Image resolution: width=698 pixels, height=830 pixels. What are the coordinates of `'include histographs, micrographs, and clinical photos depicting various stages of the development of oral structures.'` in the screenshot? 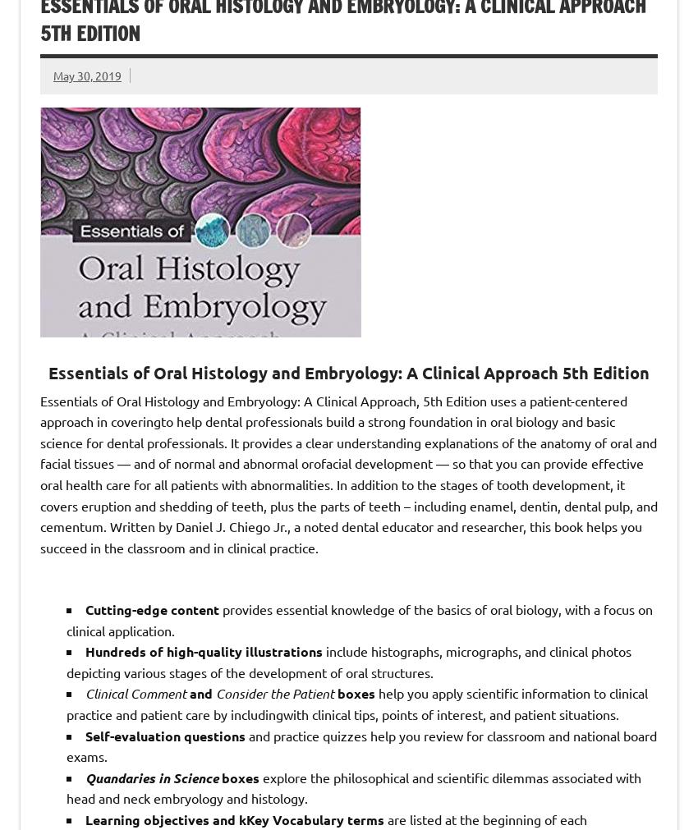 It's located at (349, 660).